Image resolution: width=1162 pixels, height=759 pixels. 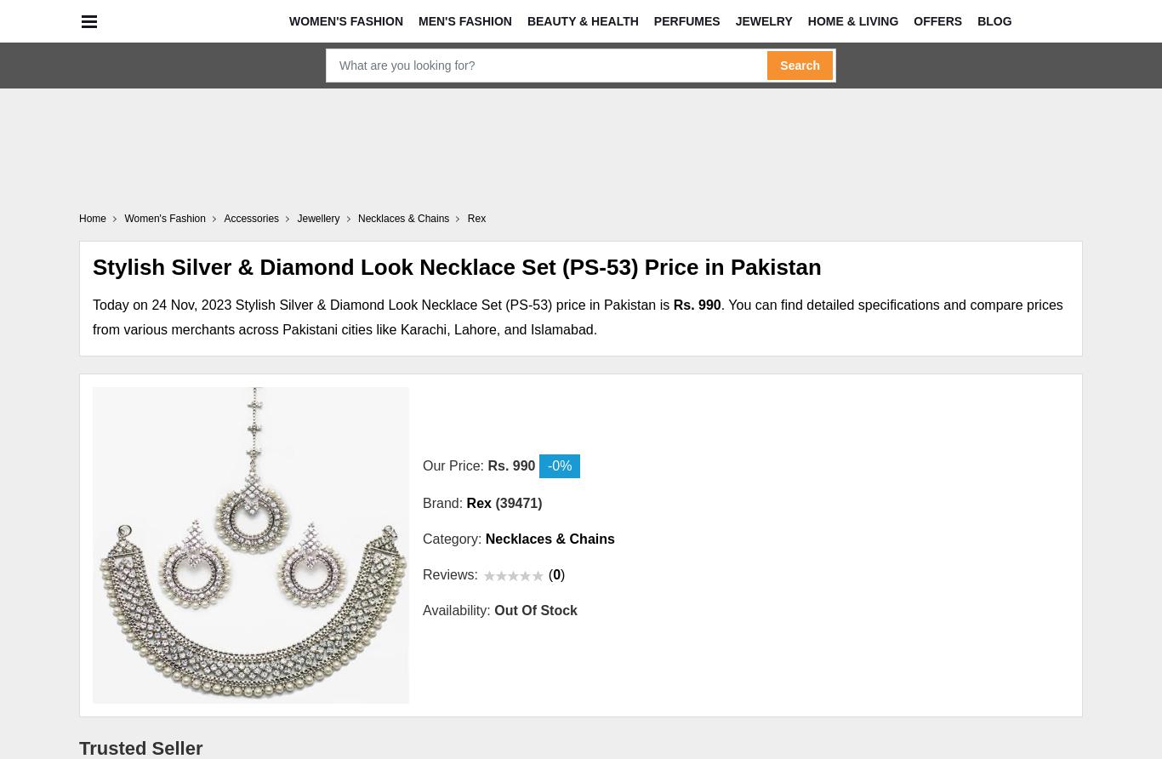 I want to click on 'Brand:', so click(x=422, y=501).